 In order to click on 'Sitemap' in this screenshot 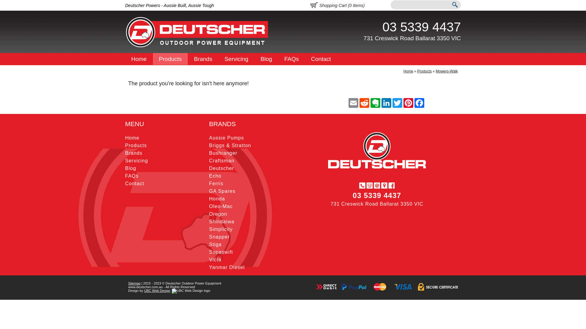, I will do `click(134, 283)`.